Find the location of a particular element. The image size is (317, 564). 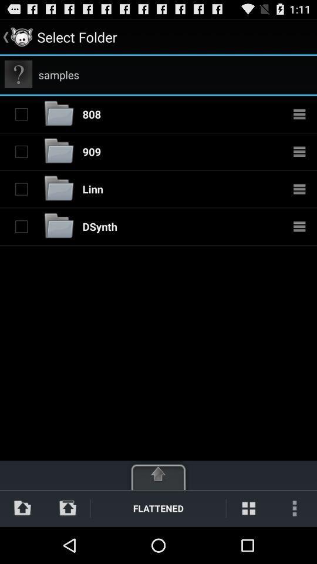

open folder is located at coordinates (59, 226).